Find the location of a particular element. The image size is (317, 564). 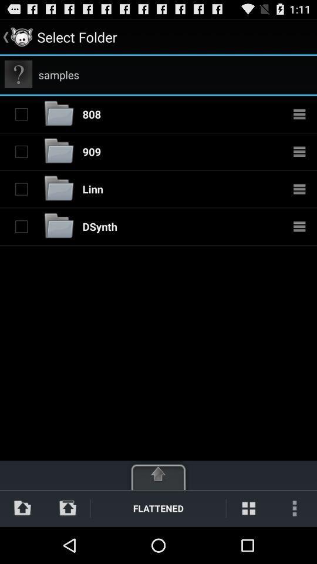

open folder is located at coordinates (59, 226).